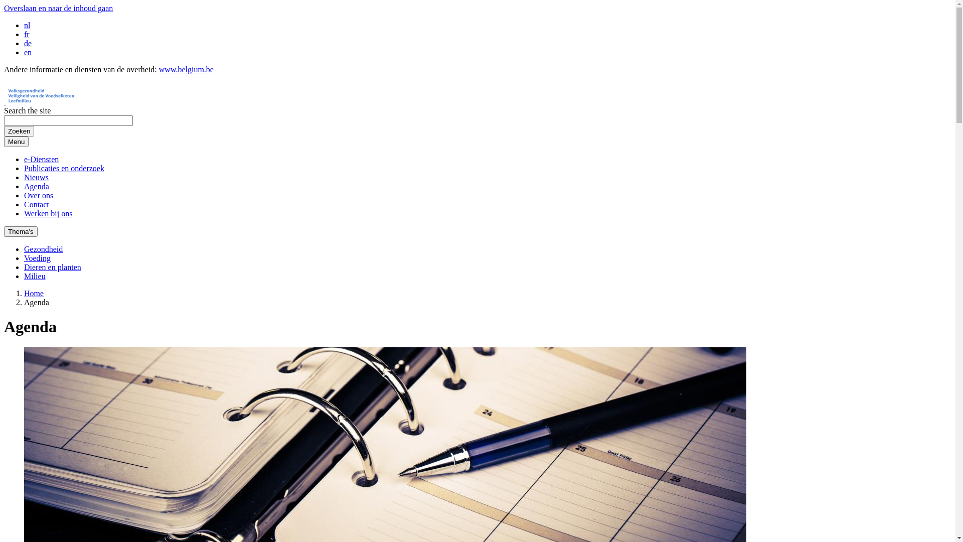 The image size is (963, 542). Describe the element at coordinates (34, 293) in the screenshot. I see `'Home'` at that location.